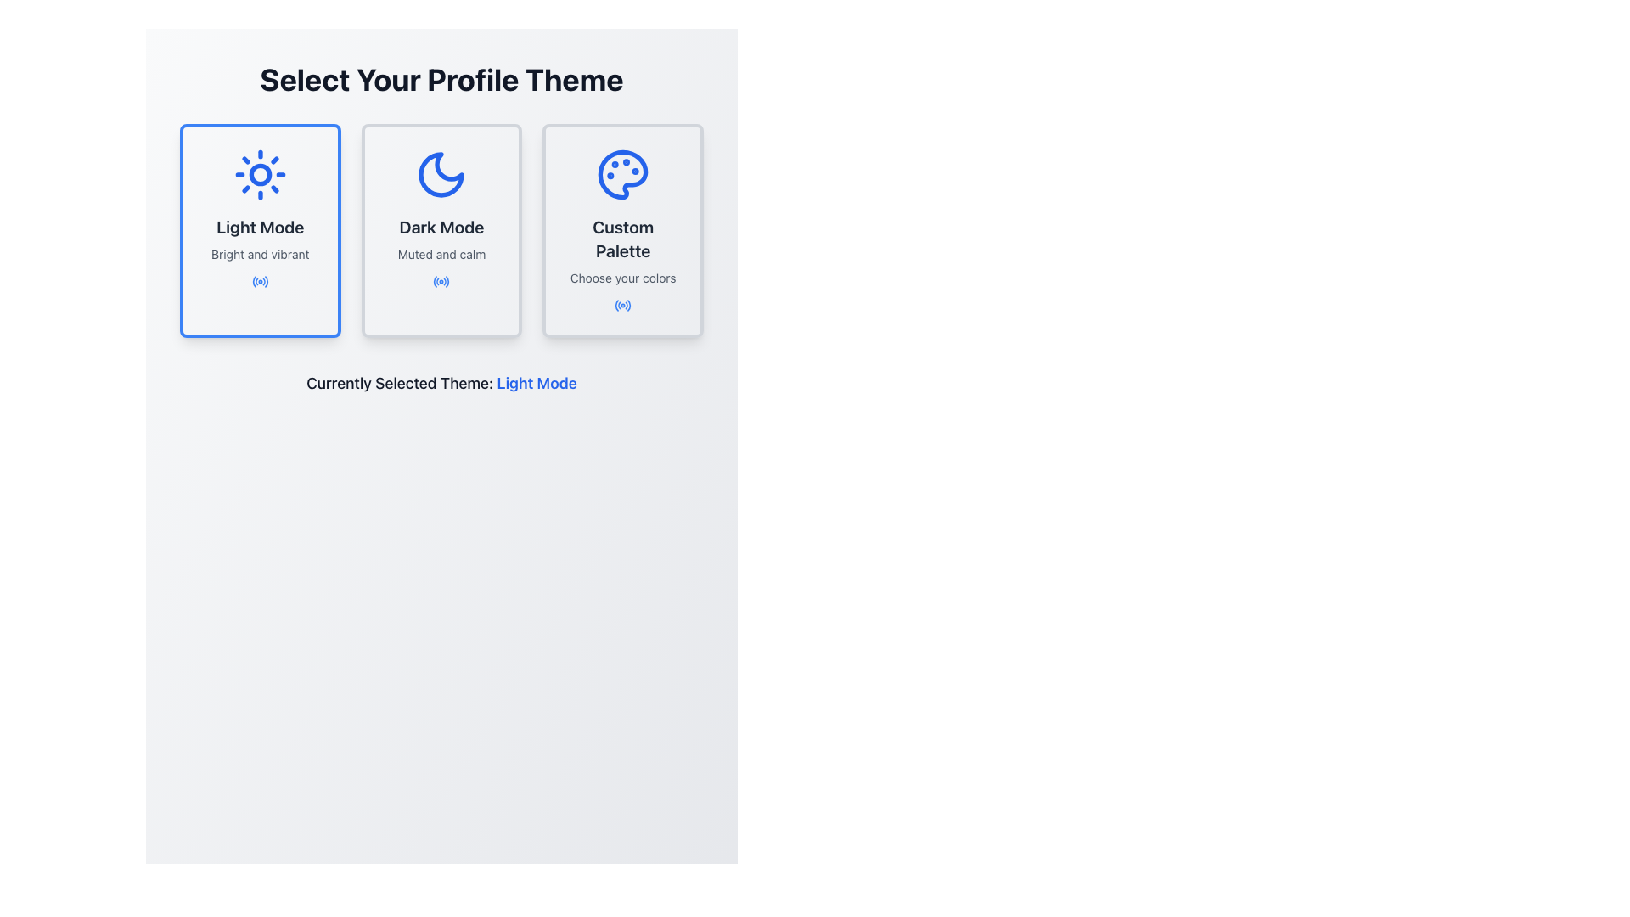  Describe the element at coordinates (265, 280) in the screenshot. I see `the icon representing outgoing radio waves or signals within the 'Light Mode' card, which is the leftmost card in the interface` at that location.